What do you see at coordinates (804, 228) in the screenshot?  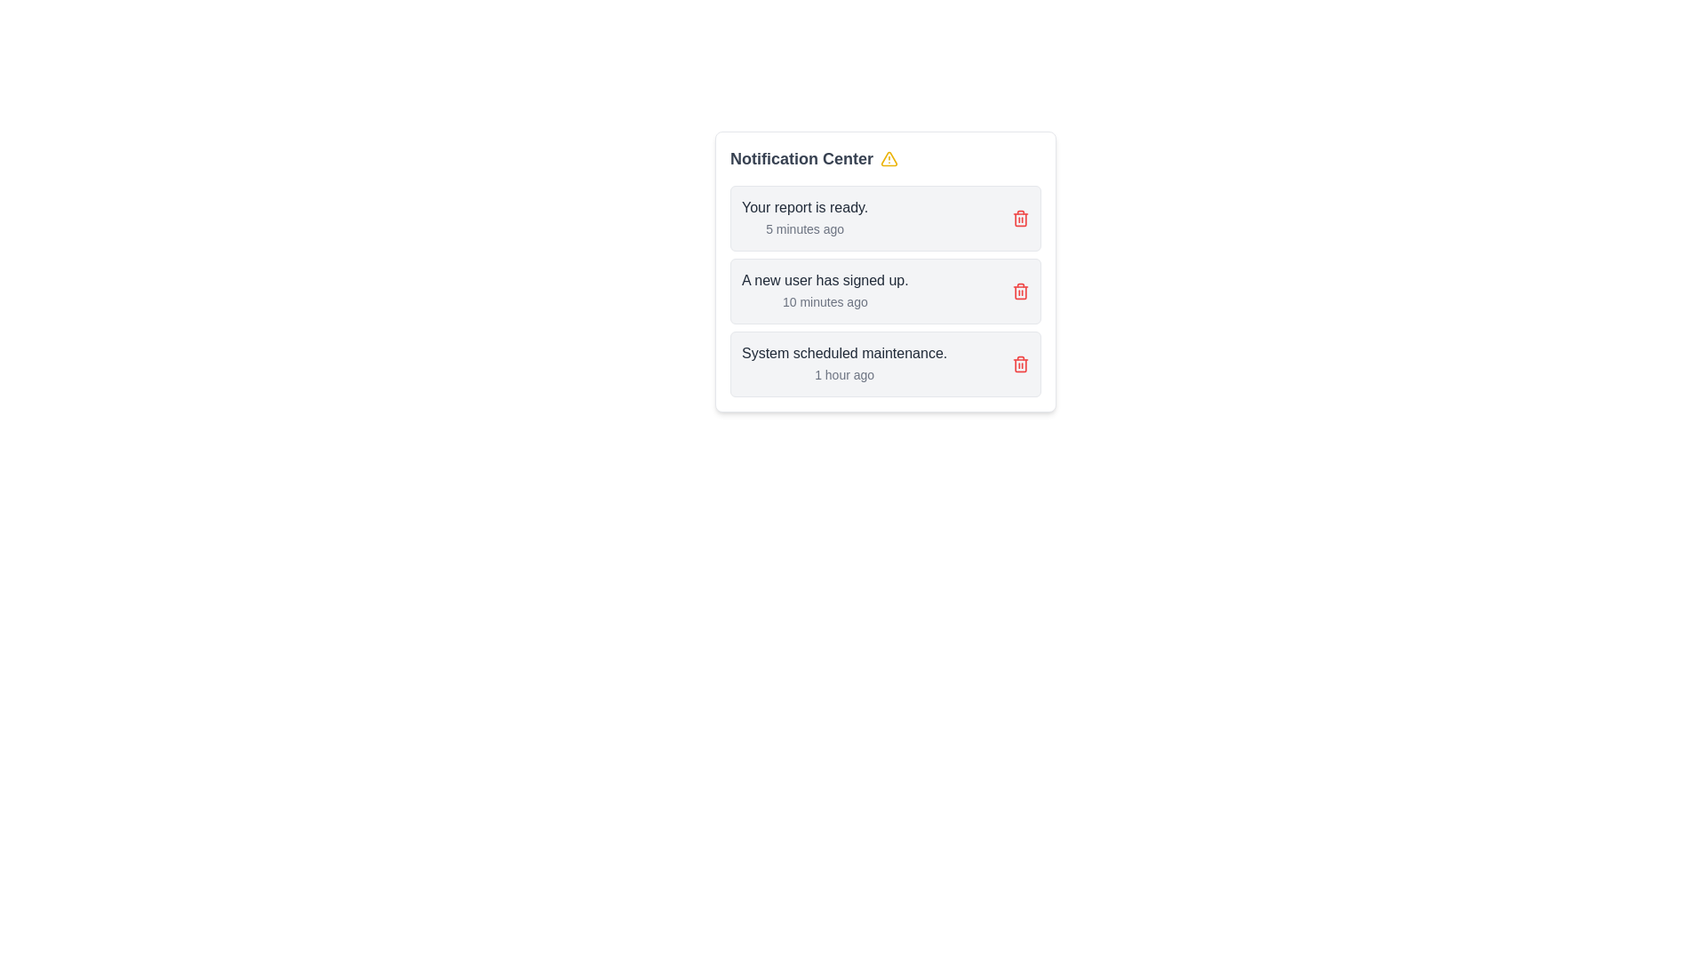 I see `the text indicating the timestamp of the notification located under 'Your report is ready.' in the first notification card, aligned to the left side` at bounding box center [804, 228].